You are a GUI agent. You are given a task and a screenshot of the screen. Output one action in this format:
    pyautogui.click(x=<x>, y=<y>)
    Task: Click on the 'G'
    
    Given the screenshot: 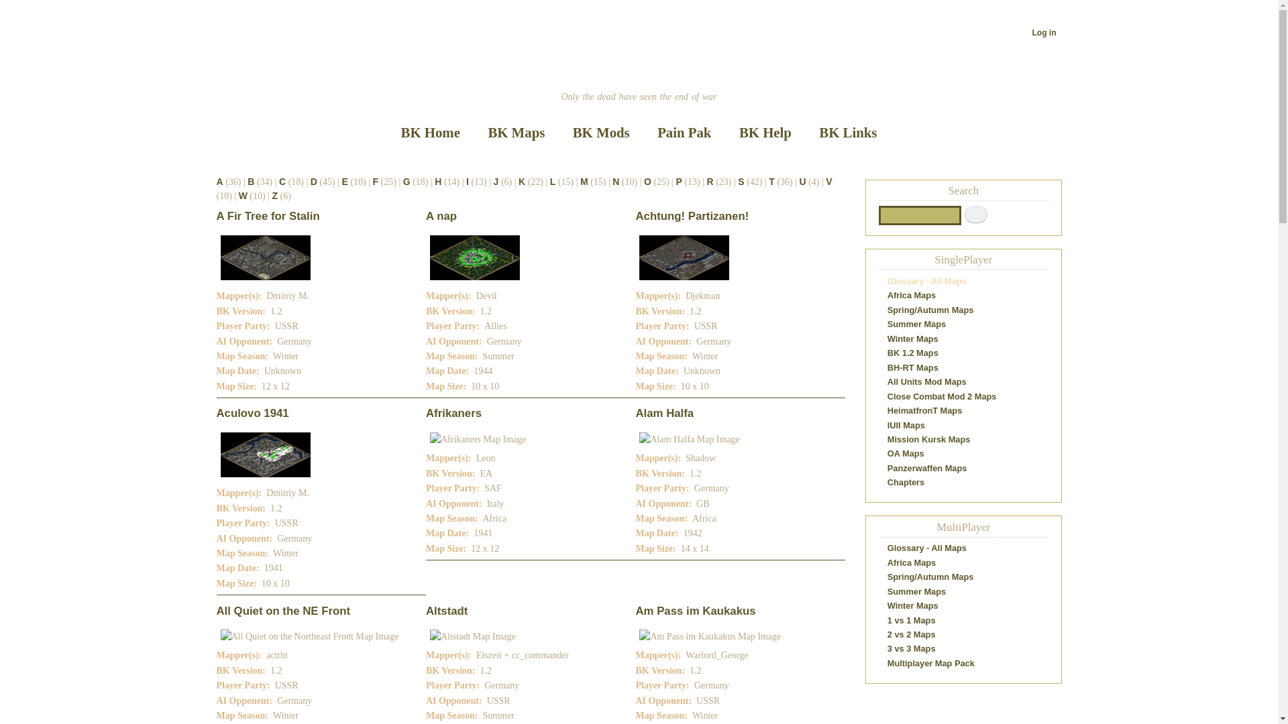 What is the action you would take?
    pyautogui.click(x=406, y=181)
    